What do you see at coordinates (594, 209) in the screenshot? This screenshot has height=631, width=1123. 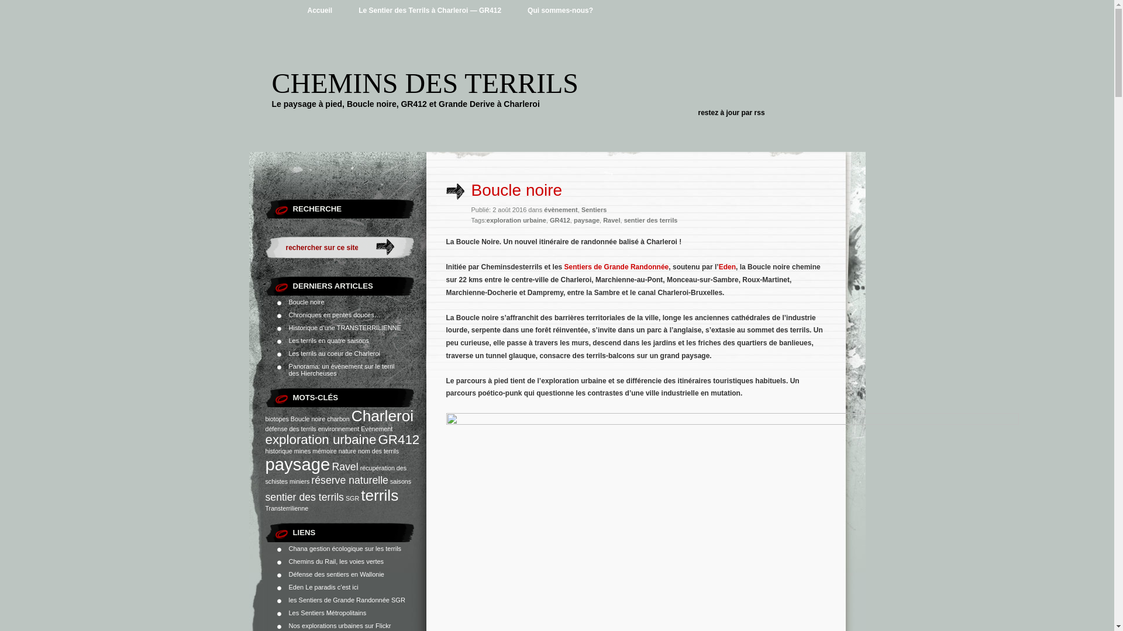 I see `'Sentiers'` at bounding box center [594, 209].